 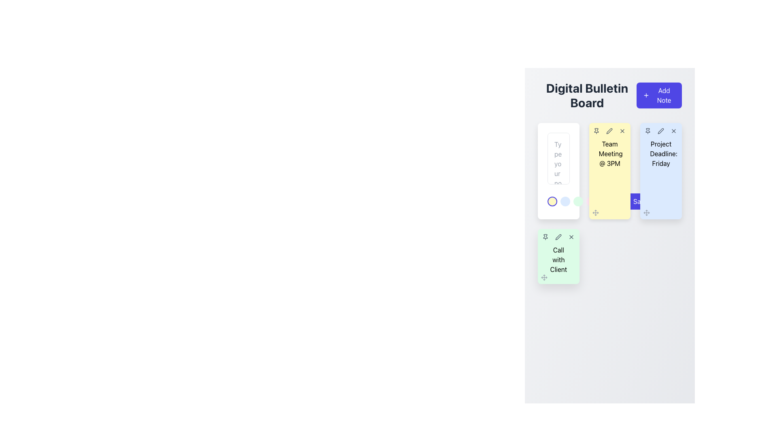 I want to click on the draggable control located at the bottom-left corner of the yellow card titled 'Team Meeting @ 3PM', so click(x=595, y=212).